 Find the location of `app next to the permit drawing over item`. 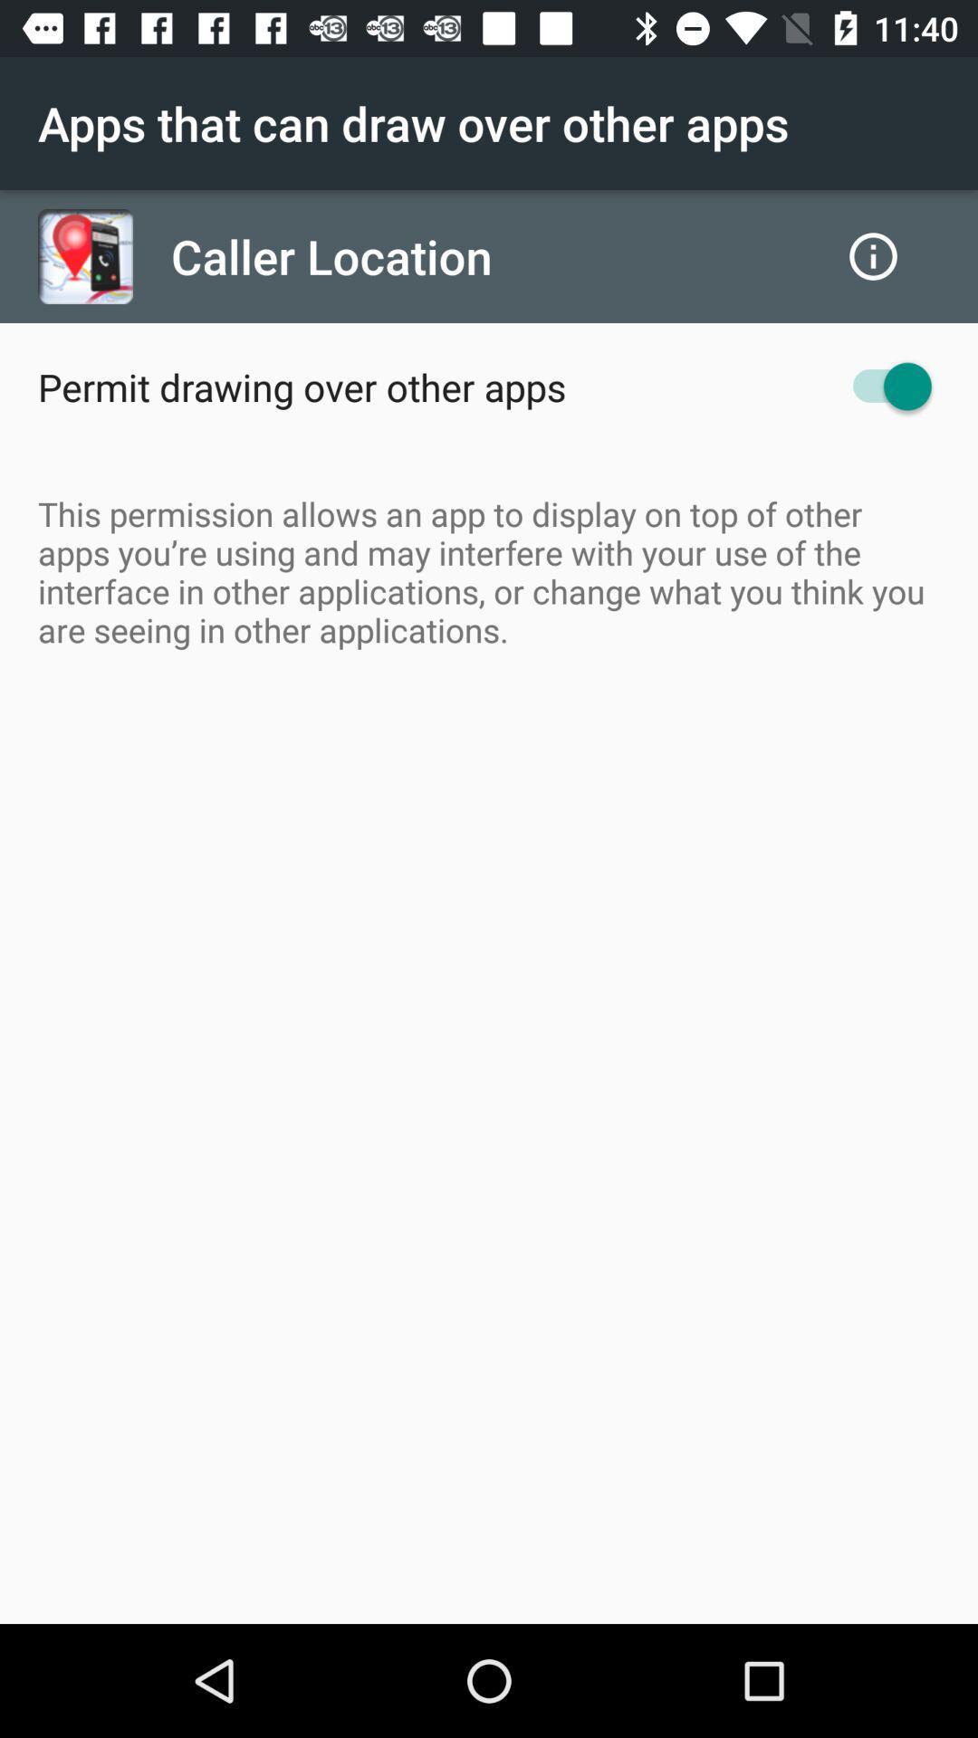

app next to the permit drawing over item is located at coordinates (882, 386).